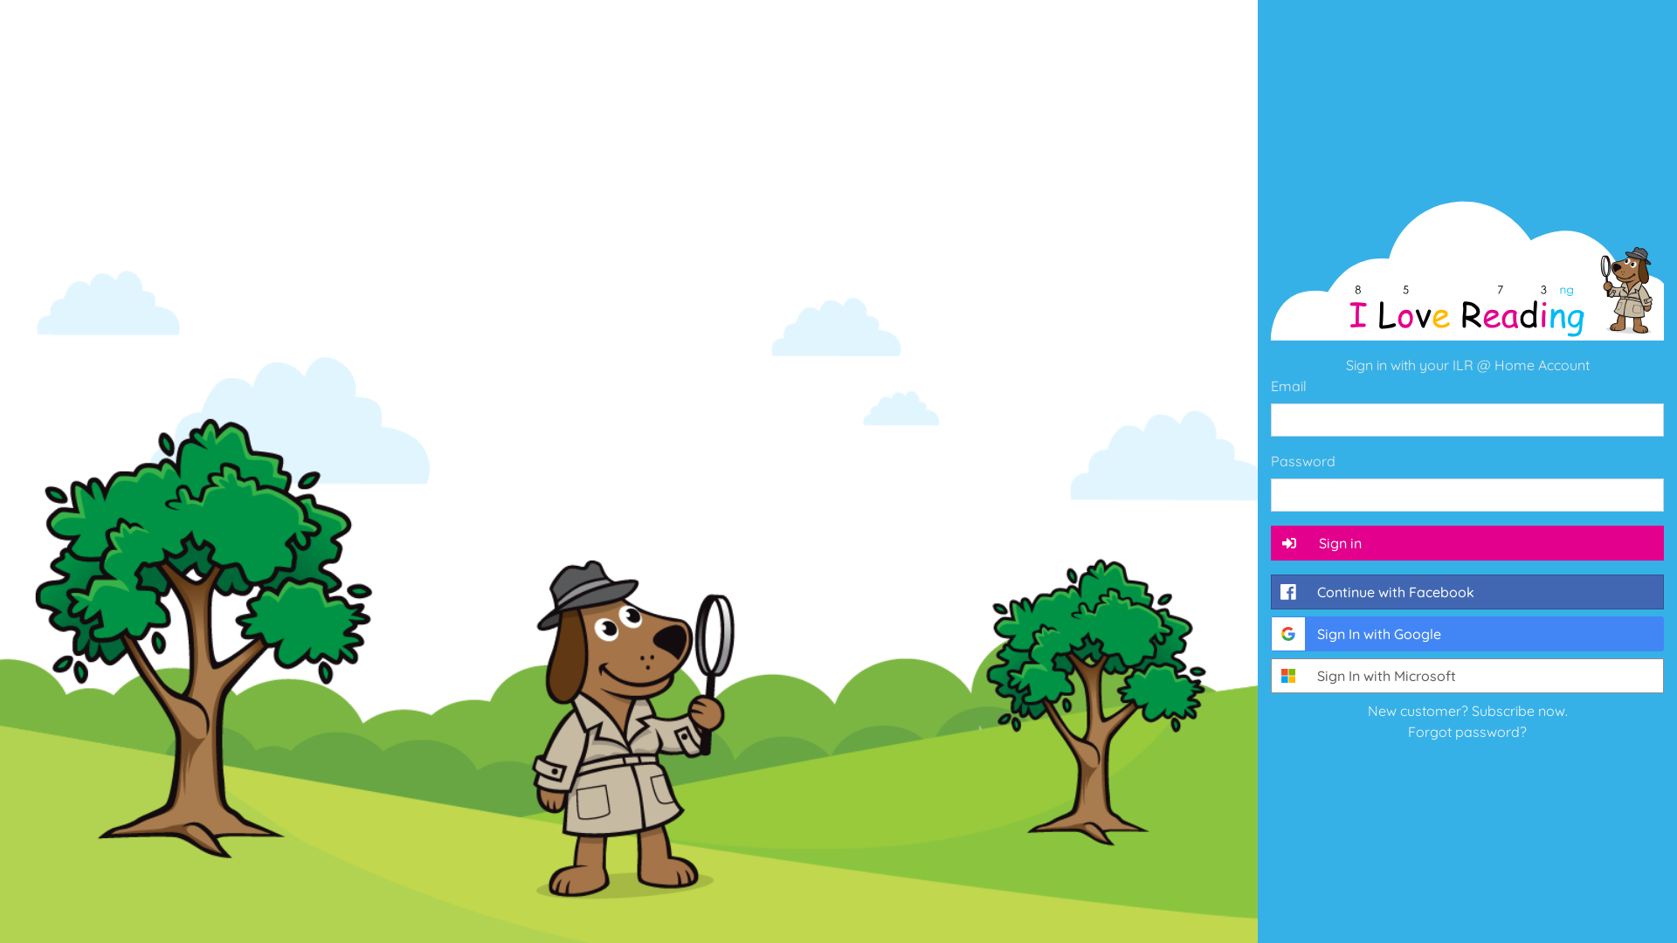 The height and width of the screenshot is (943, 1677). I want to click on 'Forgot password?', so click(1467, 731).